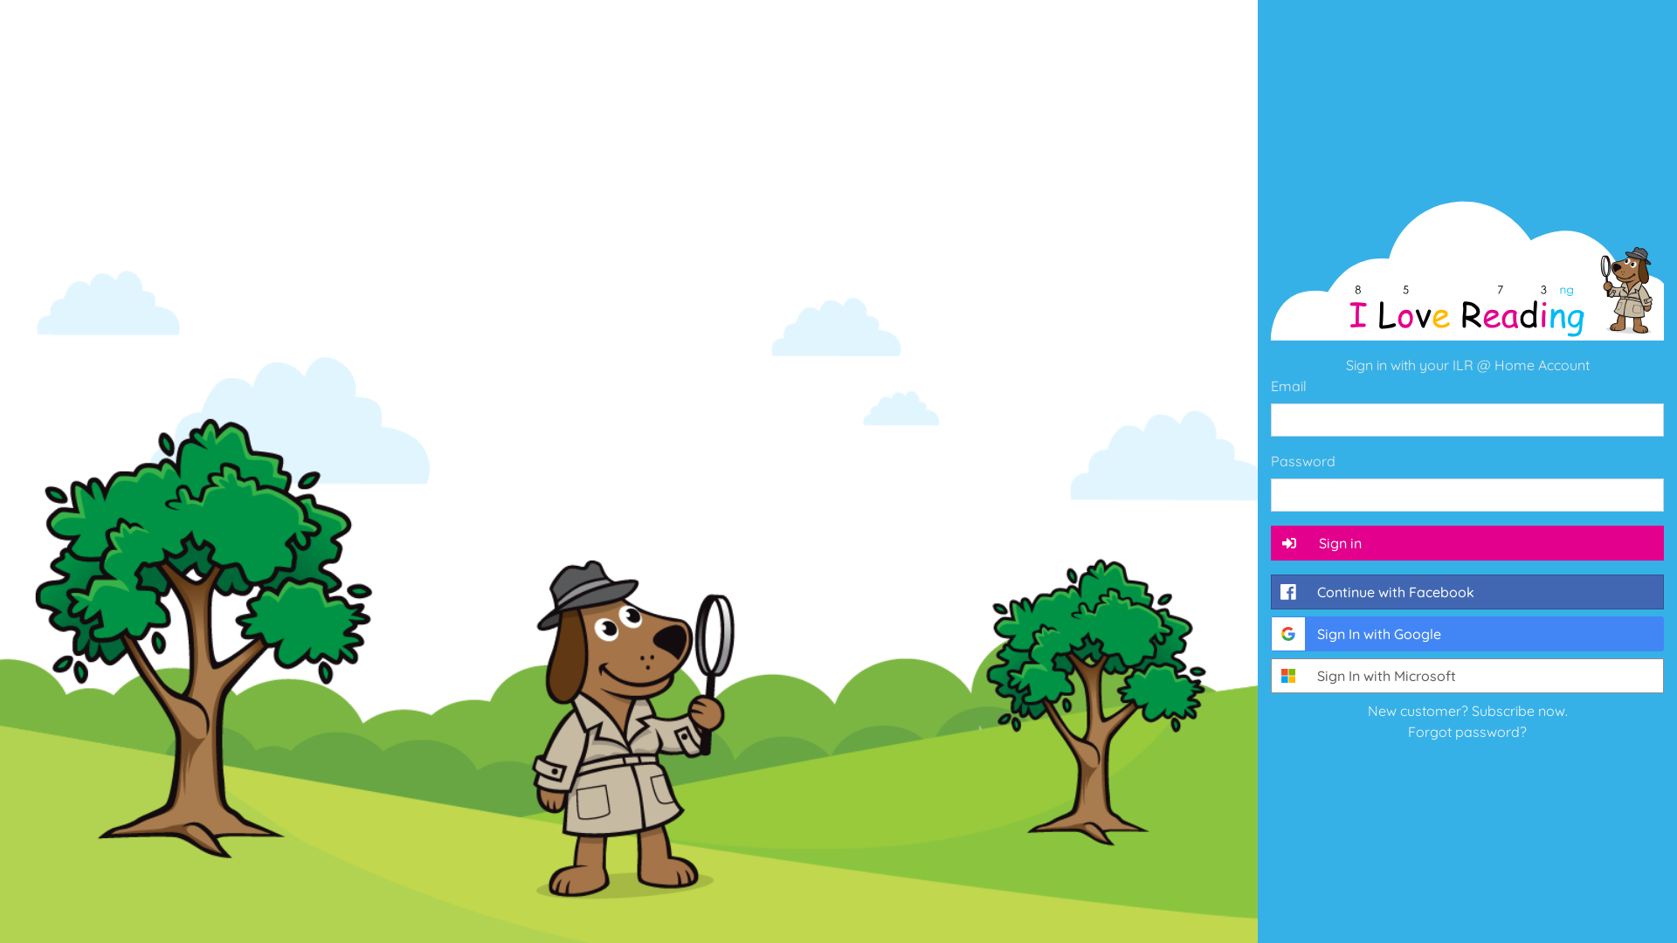 The height and width of the screenshot is (943, 1677). I want to click on 'Forgot password?', so click(1467, 731).